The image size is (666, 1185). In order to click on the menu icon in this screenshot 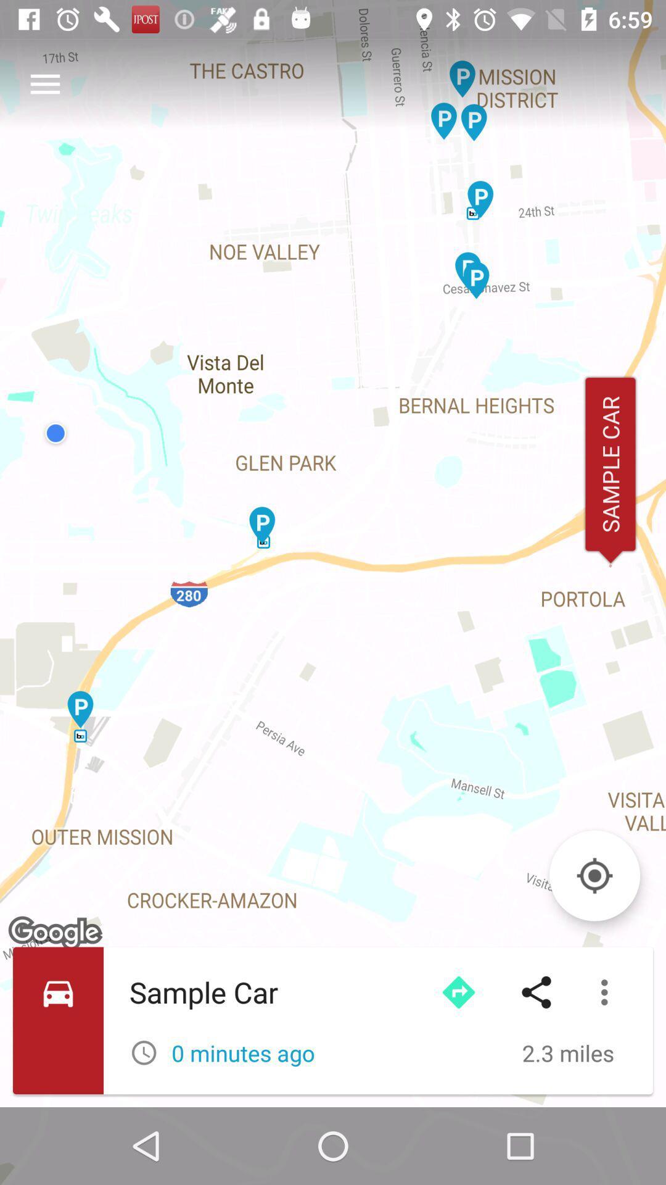, I will do `click(44, 83)`.